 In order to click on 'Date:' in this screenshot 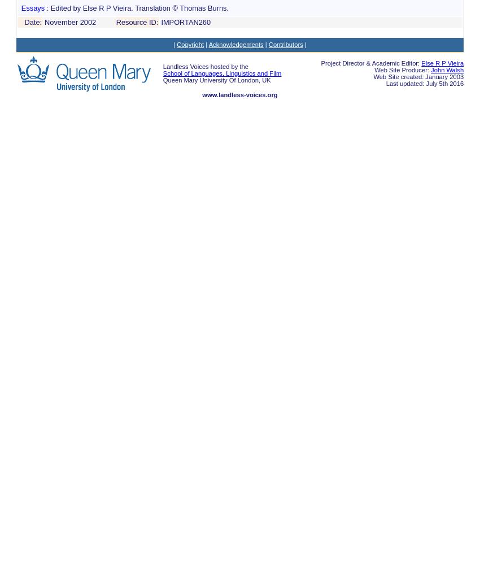, I will do `click(33, 21)`.